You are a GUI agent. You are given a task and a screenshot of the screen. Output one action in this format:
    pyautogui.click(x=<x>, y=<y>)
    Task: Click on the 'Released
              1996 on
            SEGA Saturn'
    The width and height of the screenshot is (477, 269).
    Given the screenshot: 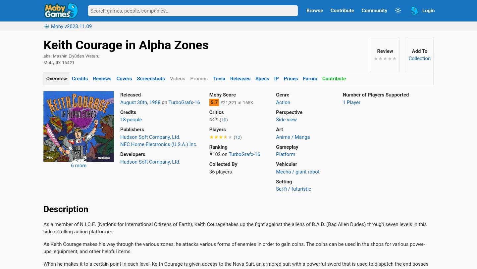 What is the action you would take?
    pyautogui.click(x=230, y=233)
    